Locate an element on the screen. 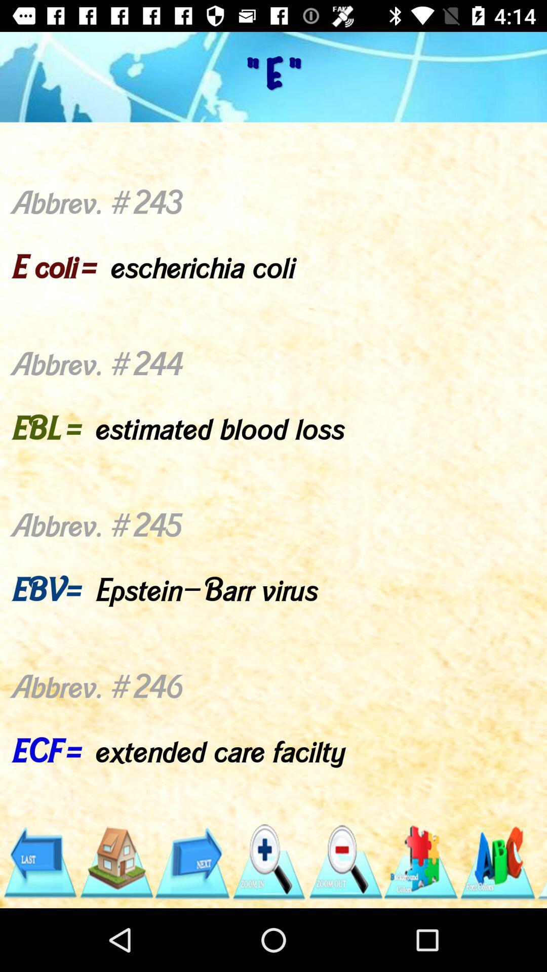 The height and width of the screenshot is (972, 547). go home is located at coordinates (115, 862).